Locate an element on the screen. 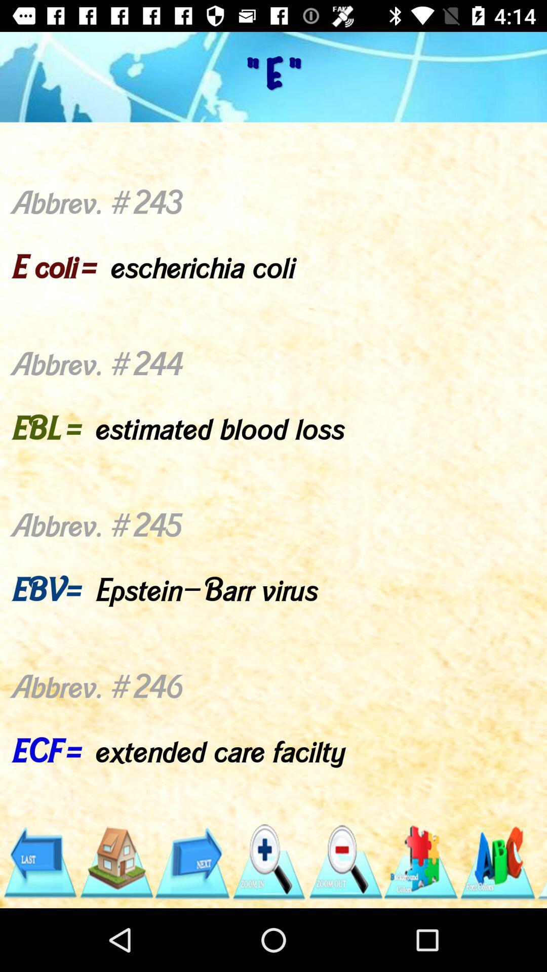 The height and width of the screenshot is (972, 547). go home is located at coordinates (115, 862).